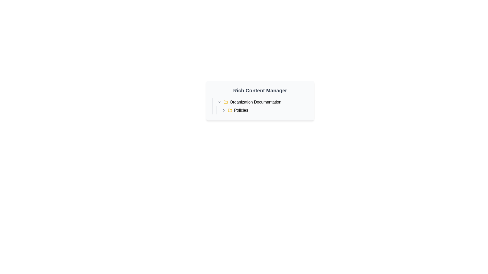  Describe the element at coordinates (225, 102) in the screenshot. I see `the first folder icon with a yellow outline located in the left part of the list item labeled 'Organization Documentation'` at that location.